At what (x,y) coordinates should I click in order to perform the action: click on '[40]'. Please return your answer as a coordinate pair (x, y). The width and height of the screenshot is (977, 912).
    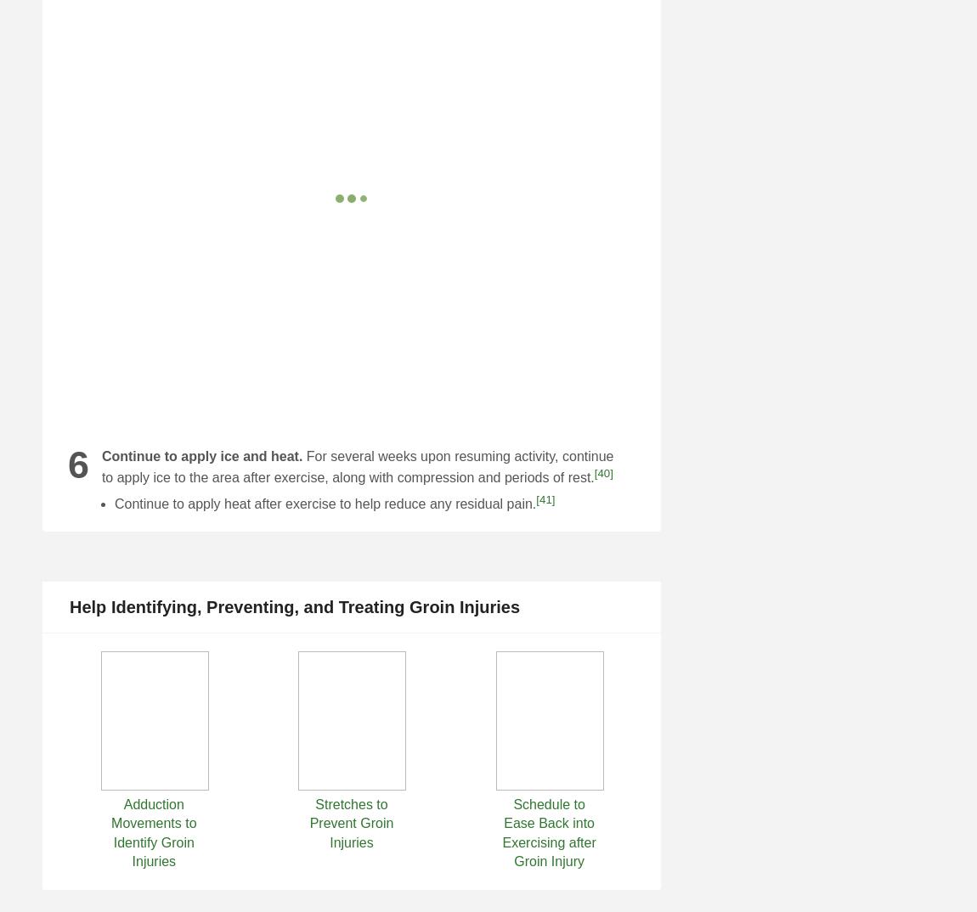
    Looking at the image, I should click on (602, 472).